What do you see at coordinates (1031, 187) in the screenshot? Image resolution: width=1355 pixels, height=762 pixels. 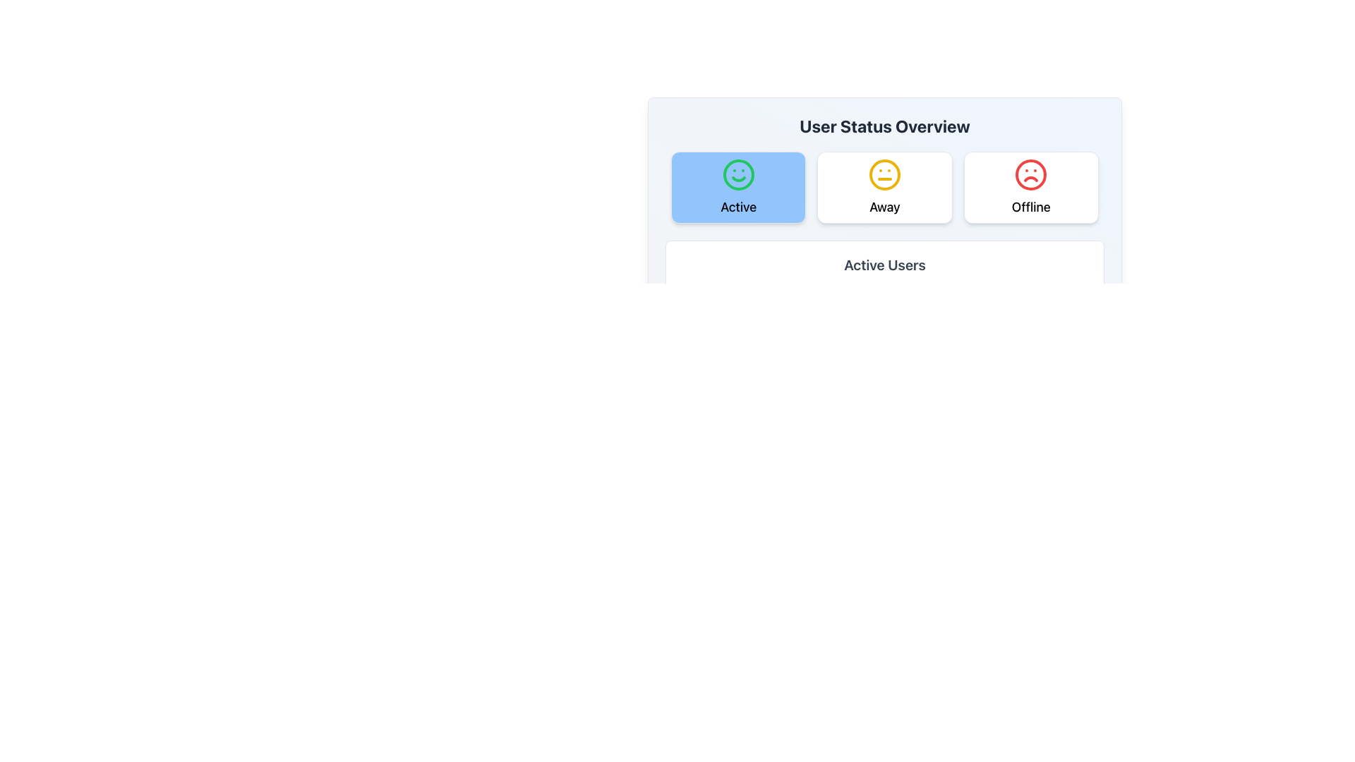 I see `the 'Offline' button, which is a rectangular button with rounded corners displaying a frowning face icon in red and the text 'Offline', to change its appearance` at bounding box center [1031, 187].